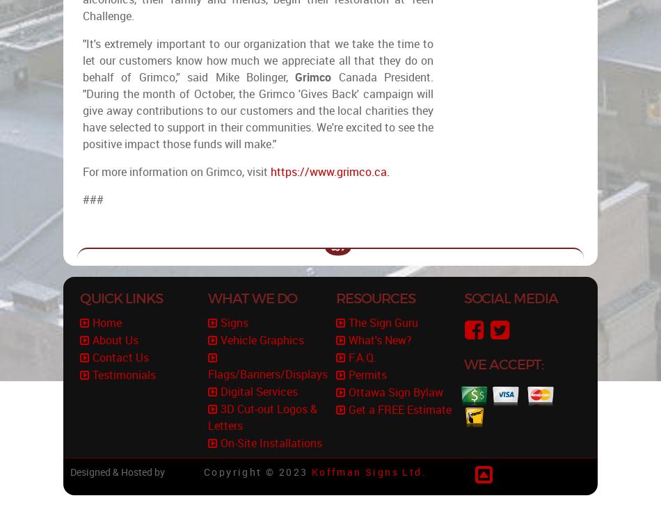 The image size is (661, 505). Describe the element at coordinates (369, 472) in the screenshot. I see `'Koffman Signs Ltd.'` at that location.